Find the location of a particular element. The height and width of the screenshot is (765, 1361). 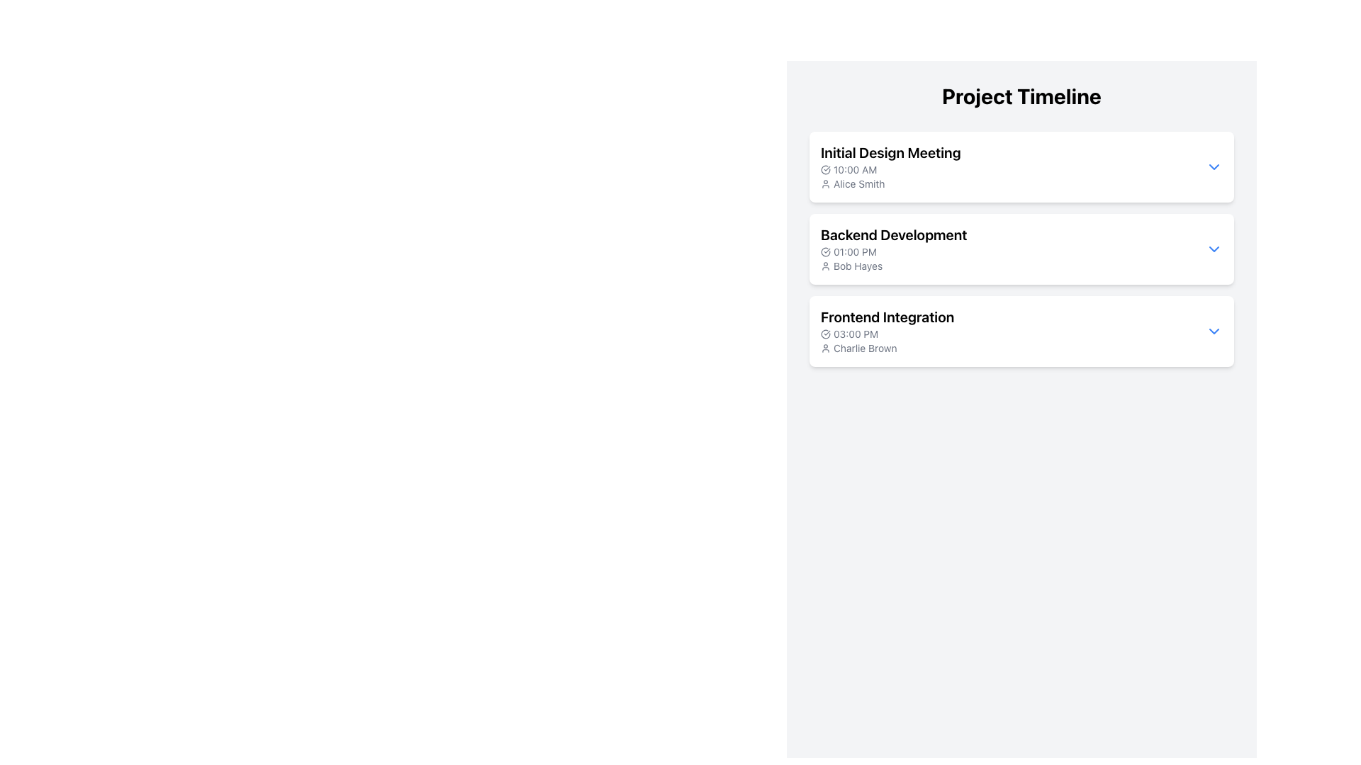

the dropdown toggle button located at the far-right end of the 'Frontend Integration' card in the timeline is located at coordinates (1214, 331).